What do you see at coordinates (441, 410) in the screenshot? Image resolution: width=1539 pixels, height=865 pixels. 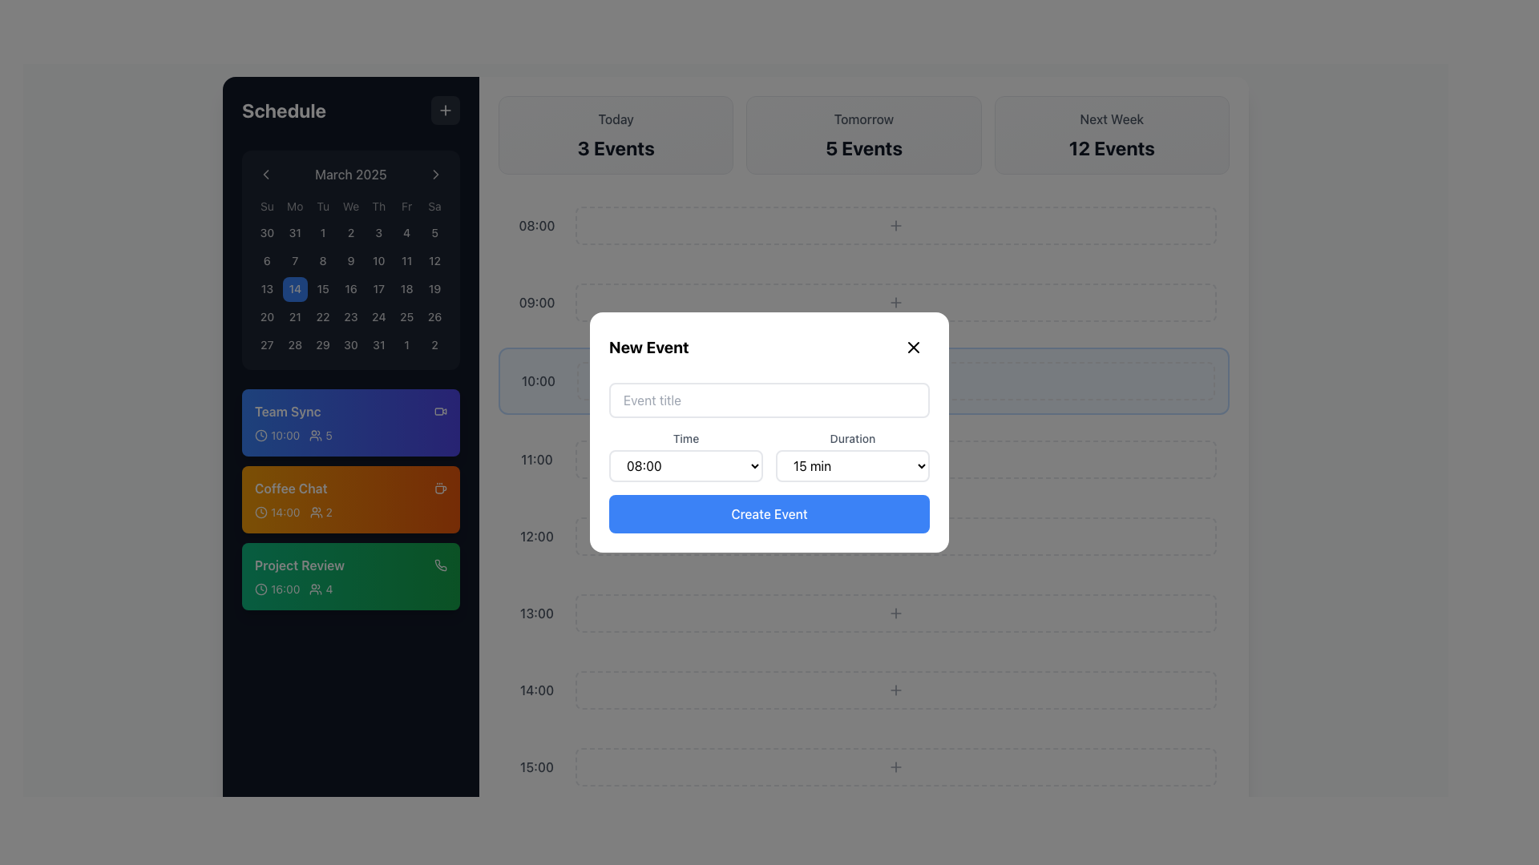 I see `the video icon indicating the scheduled call for the 'Team Sync' event located to the right of the 'Team Sync' card title in the sidebar's task list` at bounding box center [441, 410].